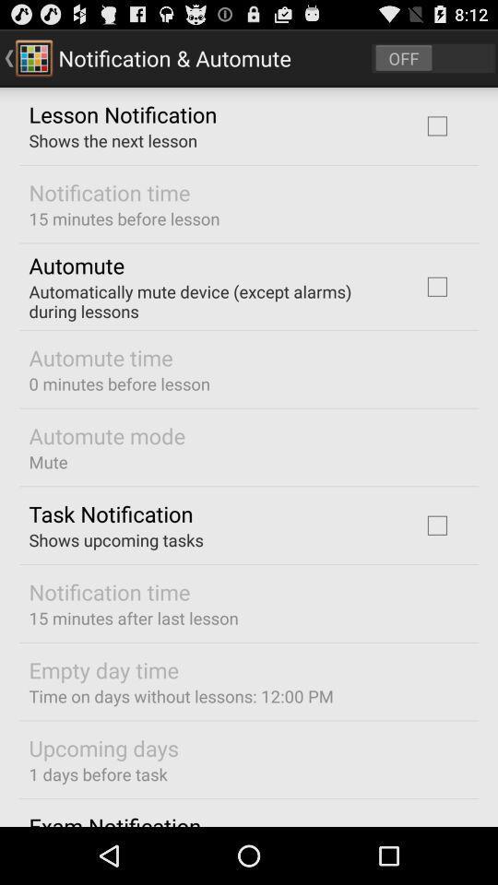  I want to click on shows upcoming tasks icon, so click(116, 539).